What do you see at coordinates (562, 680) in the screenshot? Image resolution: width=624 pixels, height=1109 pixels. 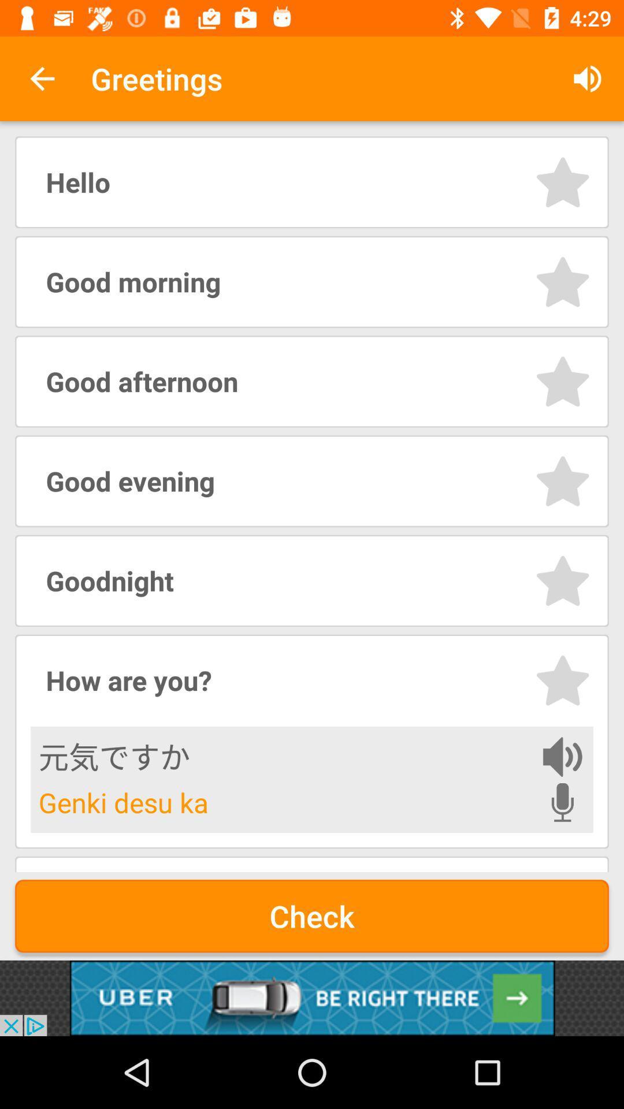 I see `preferred phrase` at bounding box center [562, 680].